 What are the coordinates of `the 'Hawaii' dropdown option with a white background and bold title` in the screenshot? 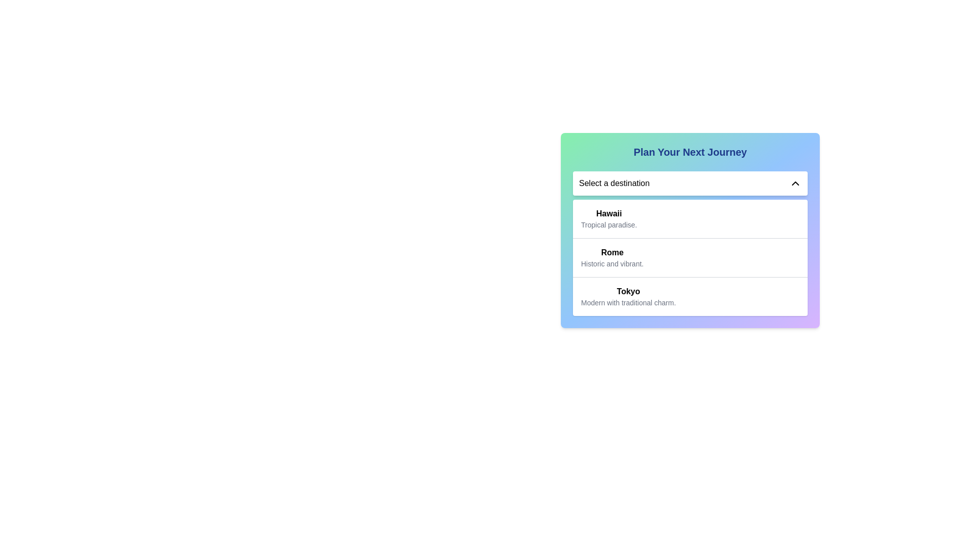 It's located at (689, 218).